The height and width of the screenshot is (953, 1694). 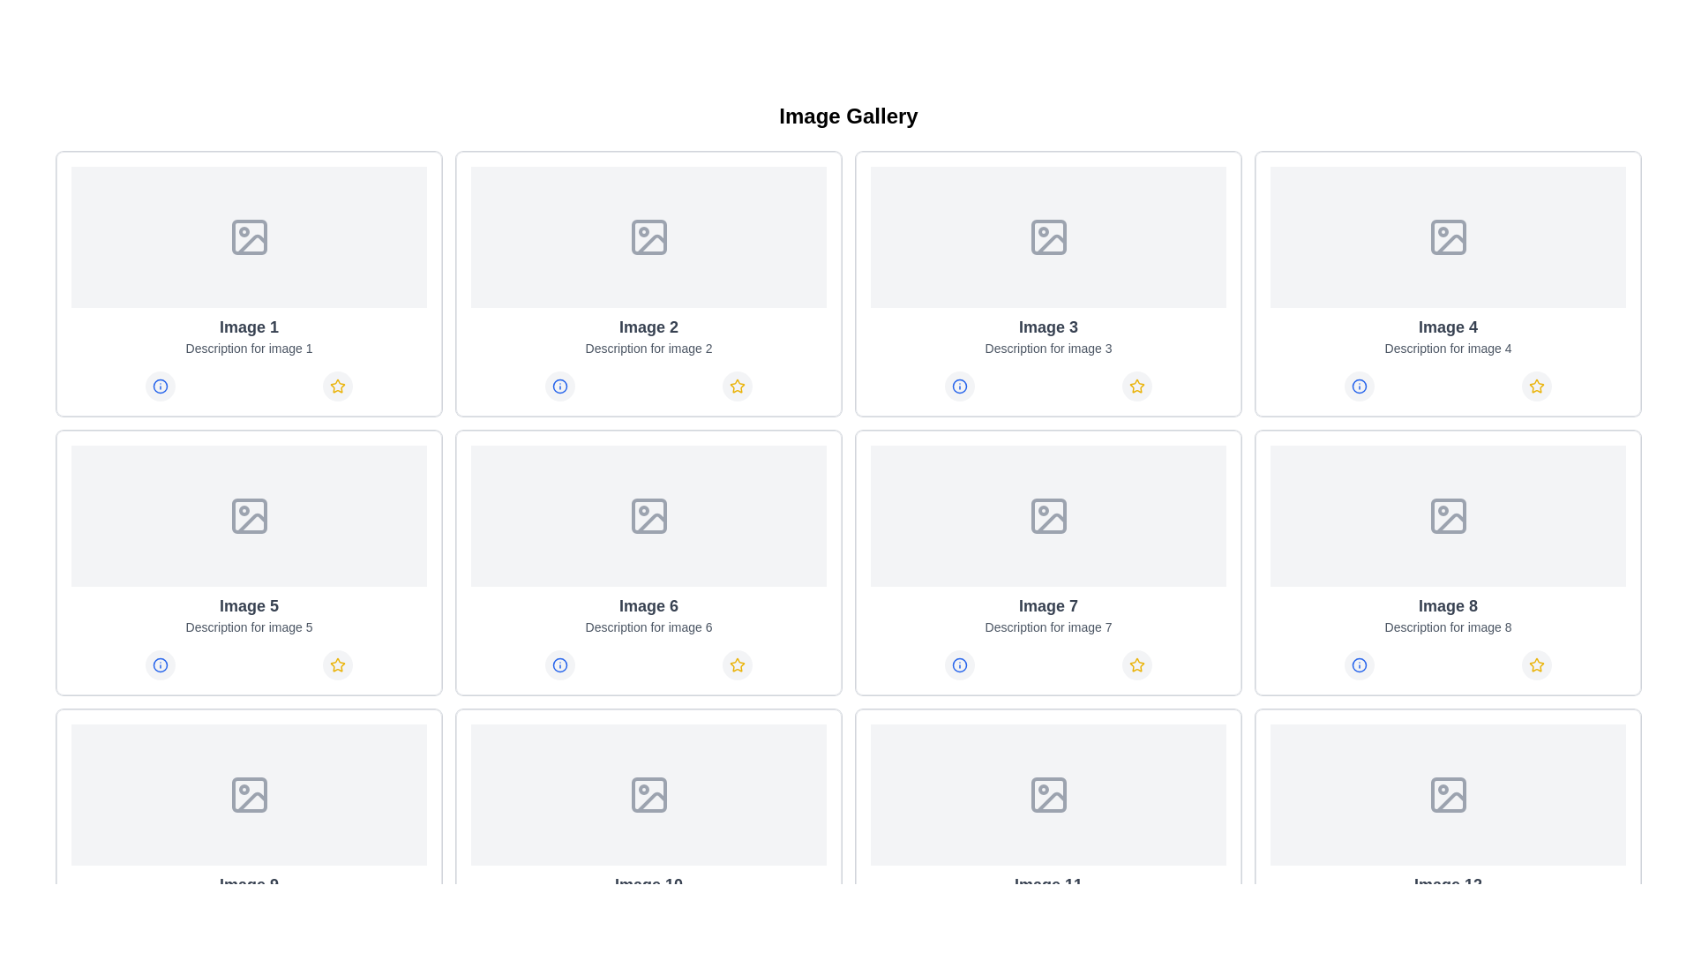 What do you see at coordinates (248, 795) in the screenshot?
I see `the SVG rectangle located in the bottom row of the gallery, specifically within the 'Image 9' card` at bounding box center [248, 795].